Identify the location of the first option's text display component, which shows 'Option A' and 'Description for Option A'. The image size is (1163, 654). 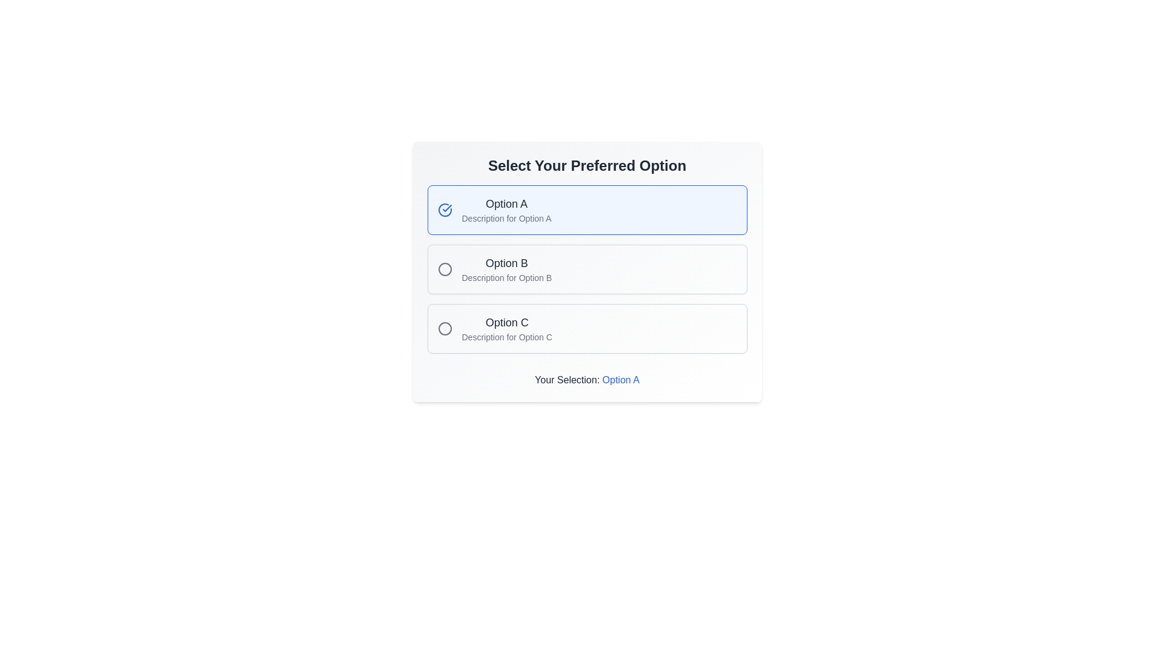
(506, 210).